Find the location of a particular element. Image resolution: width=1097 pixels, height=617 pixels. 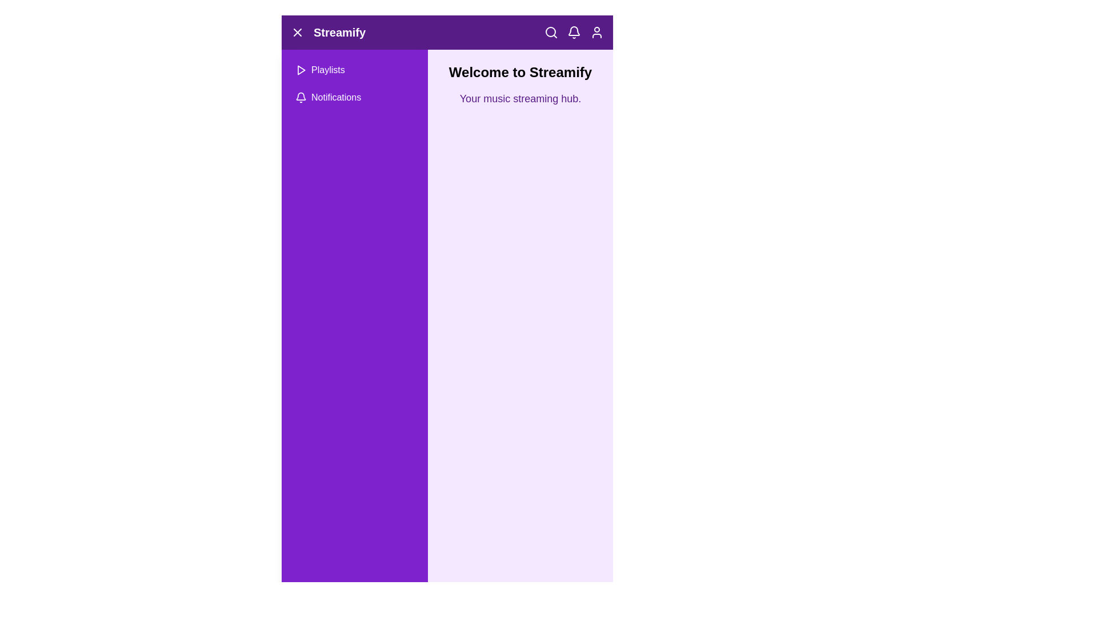

static text label displaying 'Your music streaming hub.' which is positioned below the title 'Welcome to Streamify.' is located at coordinates (520, 98).